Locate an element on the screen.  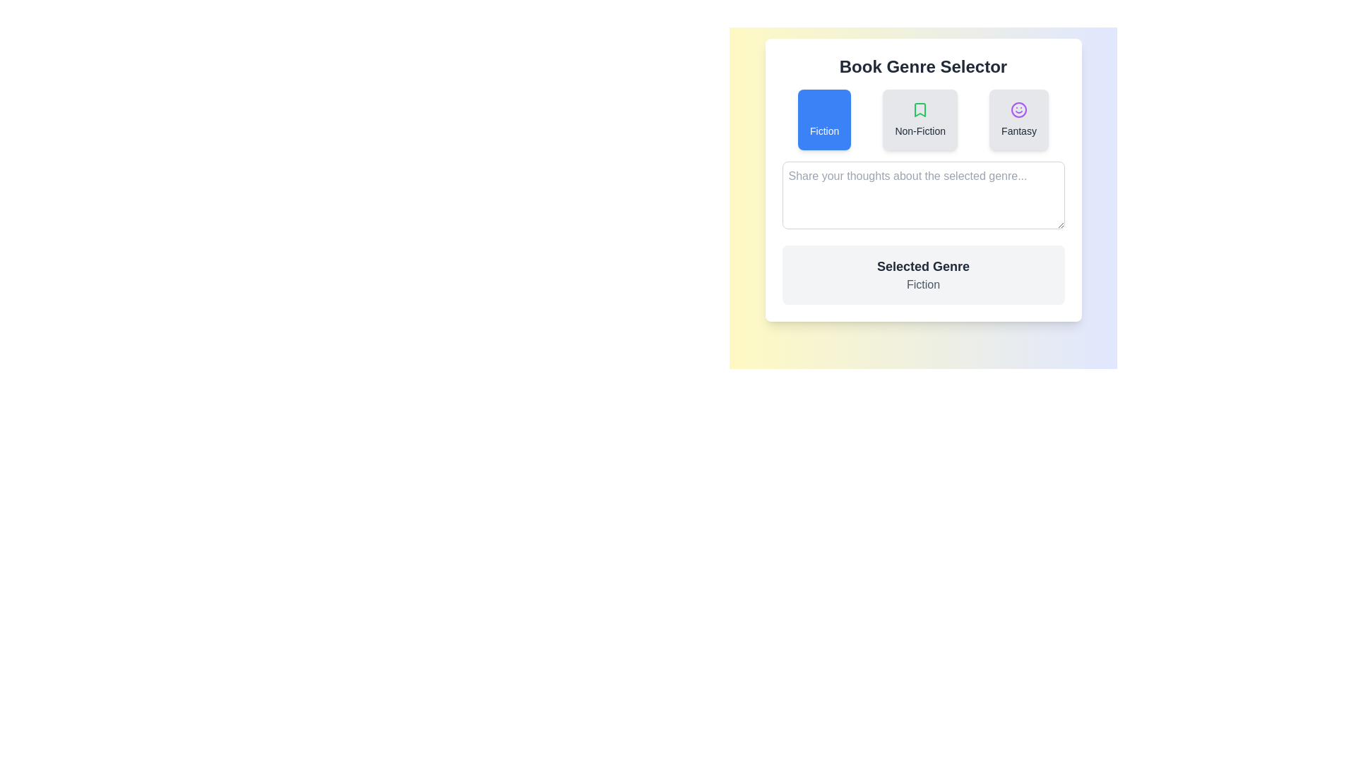
the 'Fantasy' genre label, which is the rightmost option in the 'Book Genre Selector' panel is located at coordinates (1019, 131).